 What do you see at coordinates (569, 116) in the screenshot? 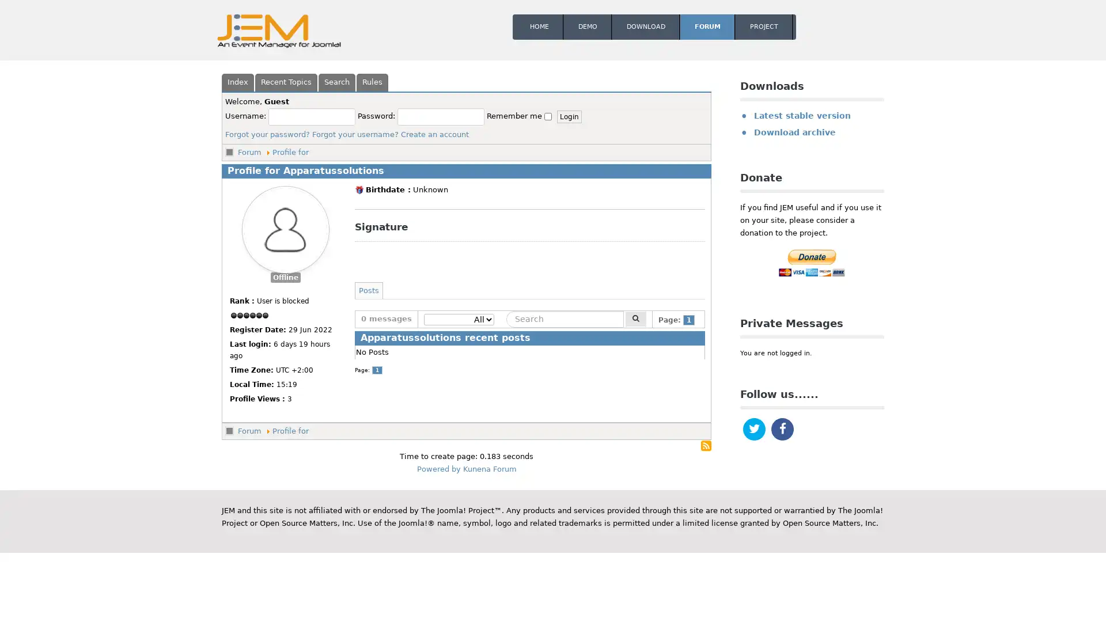
I see `Login` at bounding box center [569, 116].